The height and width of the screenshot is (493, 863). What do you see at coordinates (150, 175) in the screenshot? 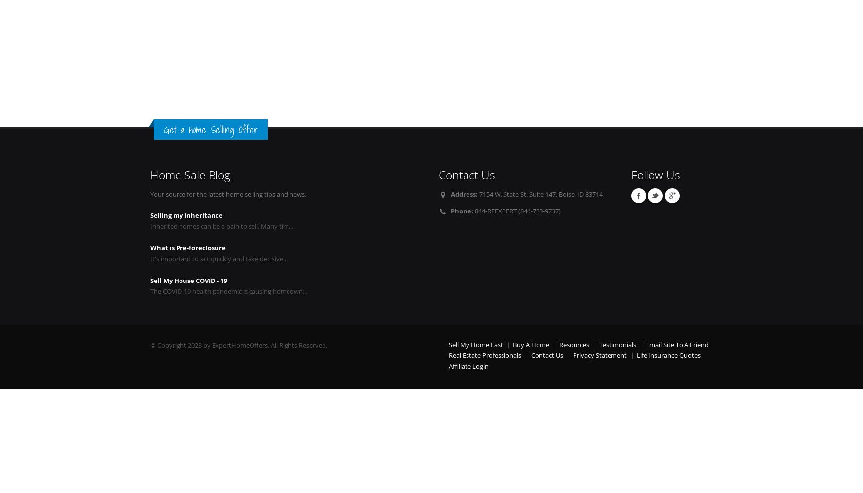
I see `'Home Sale Blog'` at bounding box center [150, 175].